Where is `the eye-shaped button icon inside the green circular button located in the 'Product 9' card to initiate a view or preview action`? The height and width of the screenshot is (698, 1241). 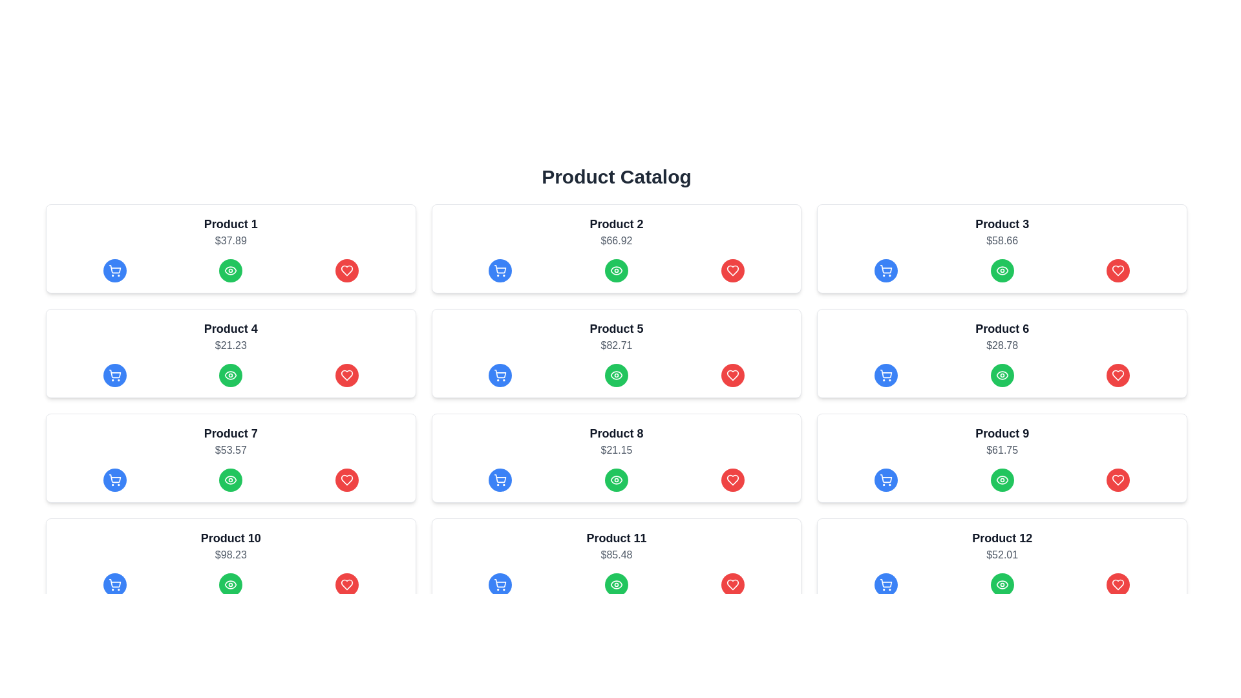 the eye-shaped button icon inside the green circular button located in the 'Product 9' card to initiate a view or preview action is located at coordinates (1001, 480).